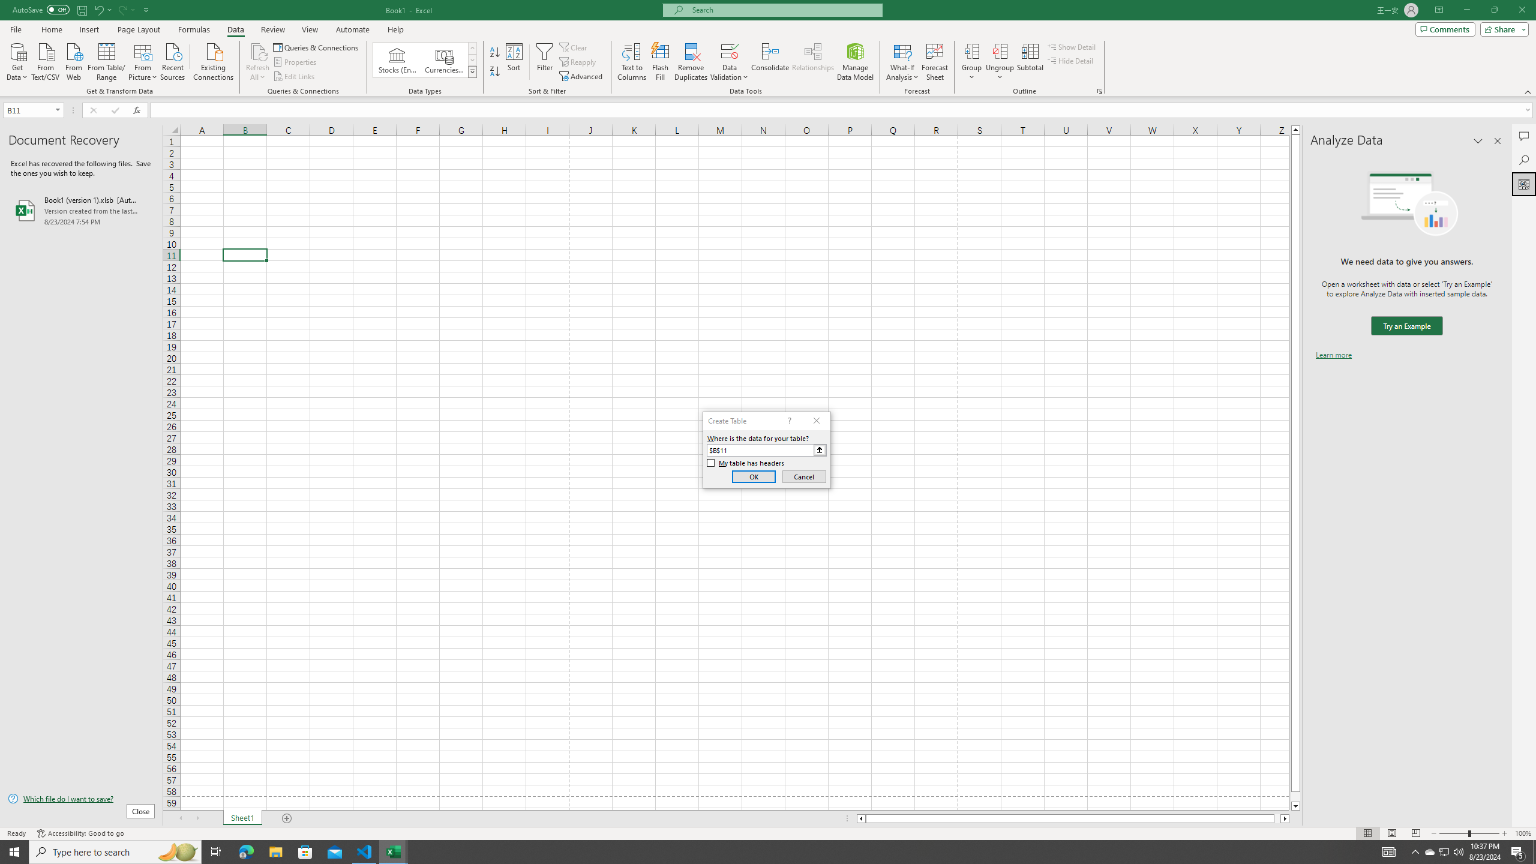 This screenshot has width=1536, height=864. I want to click on 'Sort...', so click(514, 62).